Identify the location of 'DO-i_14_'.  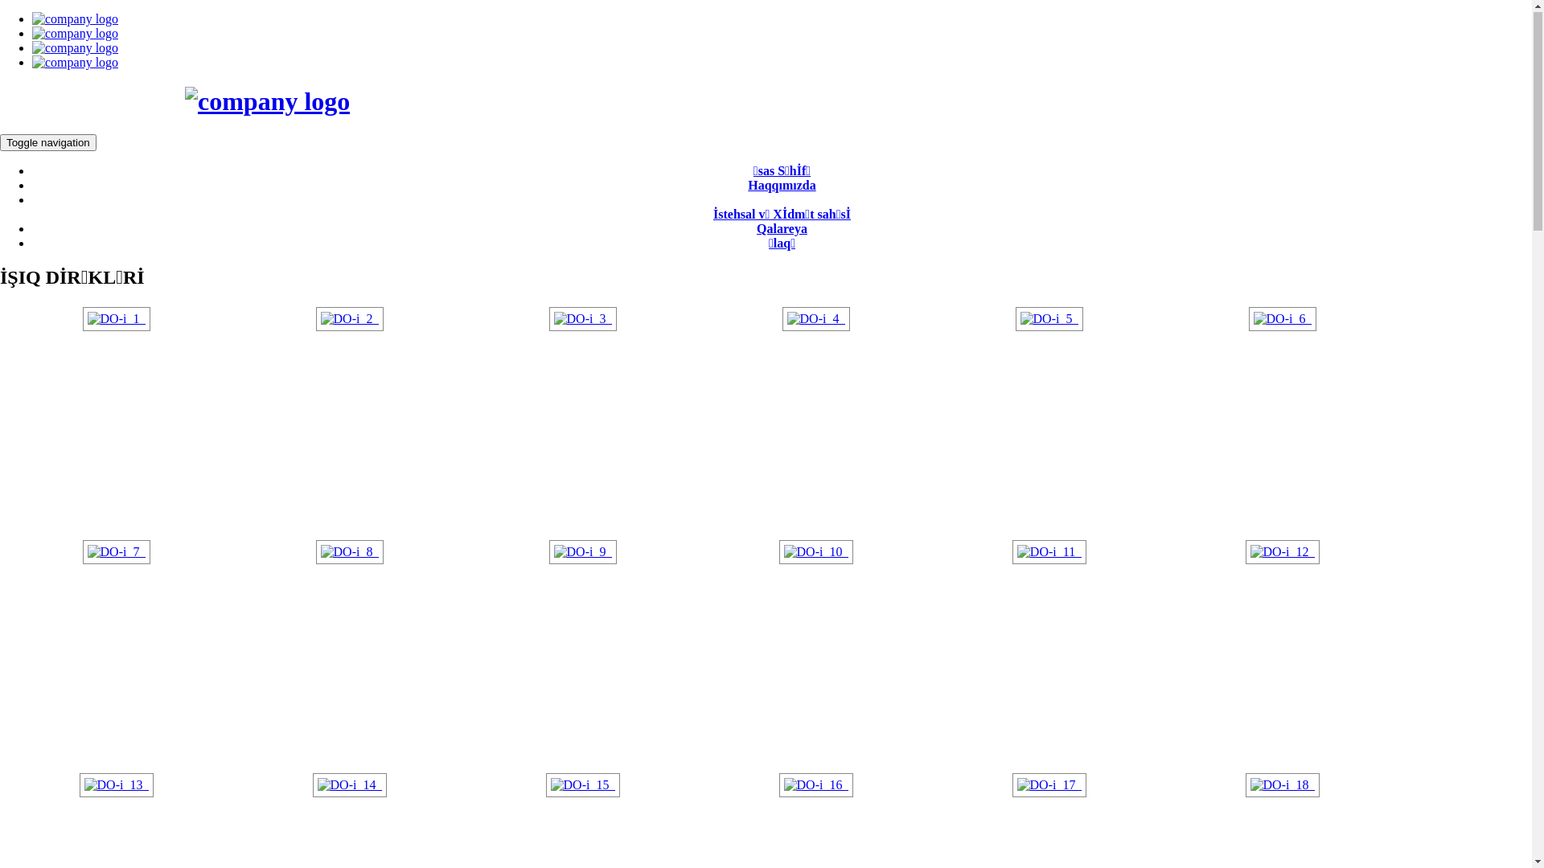
(349, 784).